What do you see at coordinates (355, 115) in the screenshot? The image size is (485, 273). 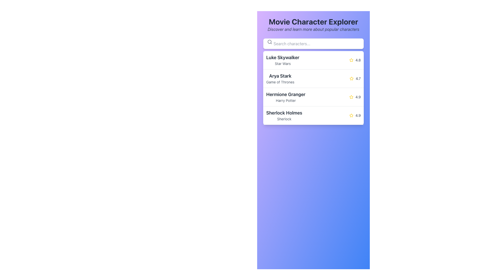 I see `the Rating Display element showing a rating of '4.9' next to a yellow star icon, located in the rightmost area of the 'Sherlock Holmes' listing` at bounding box center [355, 115].